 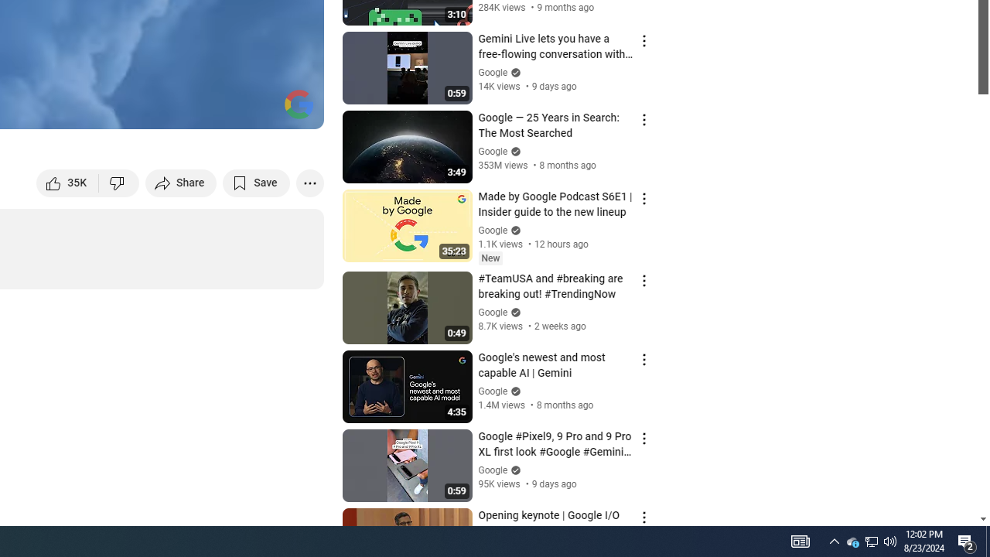 What do you see at coordinates (181, 182) in the screenshot?
I see `'Share'` at bounding box center [181, 182].